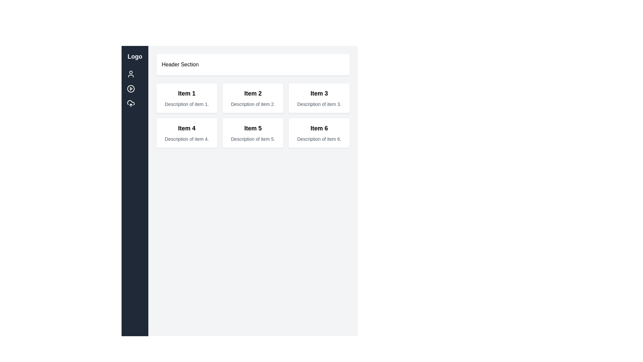  Describe the element at coordinates (253, 93) in the screenshot. I see `the text 'Item 2', which is styled in bold and large font, located at the top of its containing card in the second column, first row of the interface` at that location.